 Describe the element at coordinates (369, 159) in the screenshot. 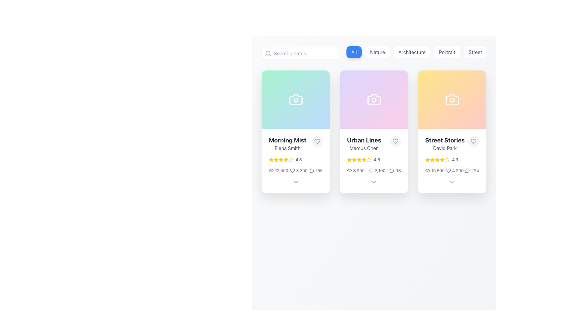

I see `the star icon representing the 4.6 rating under the 'Urban Lines' card, located in the second column of the three-column layout` at that location.